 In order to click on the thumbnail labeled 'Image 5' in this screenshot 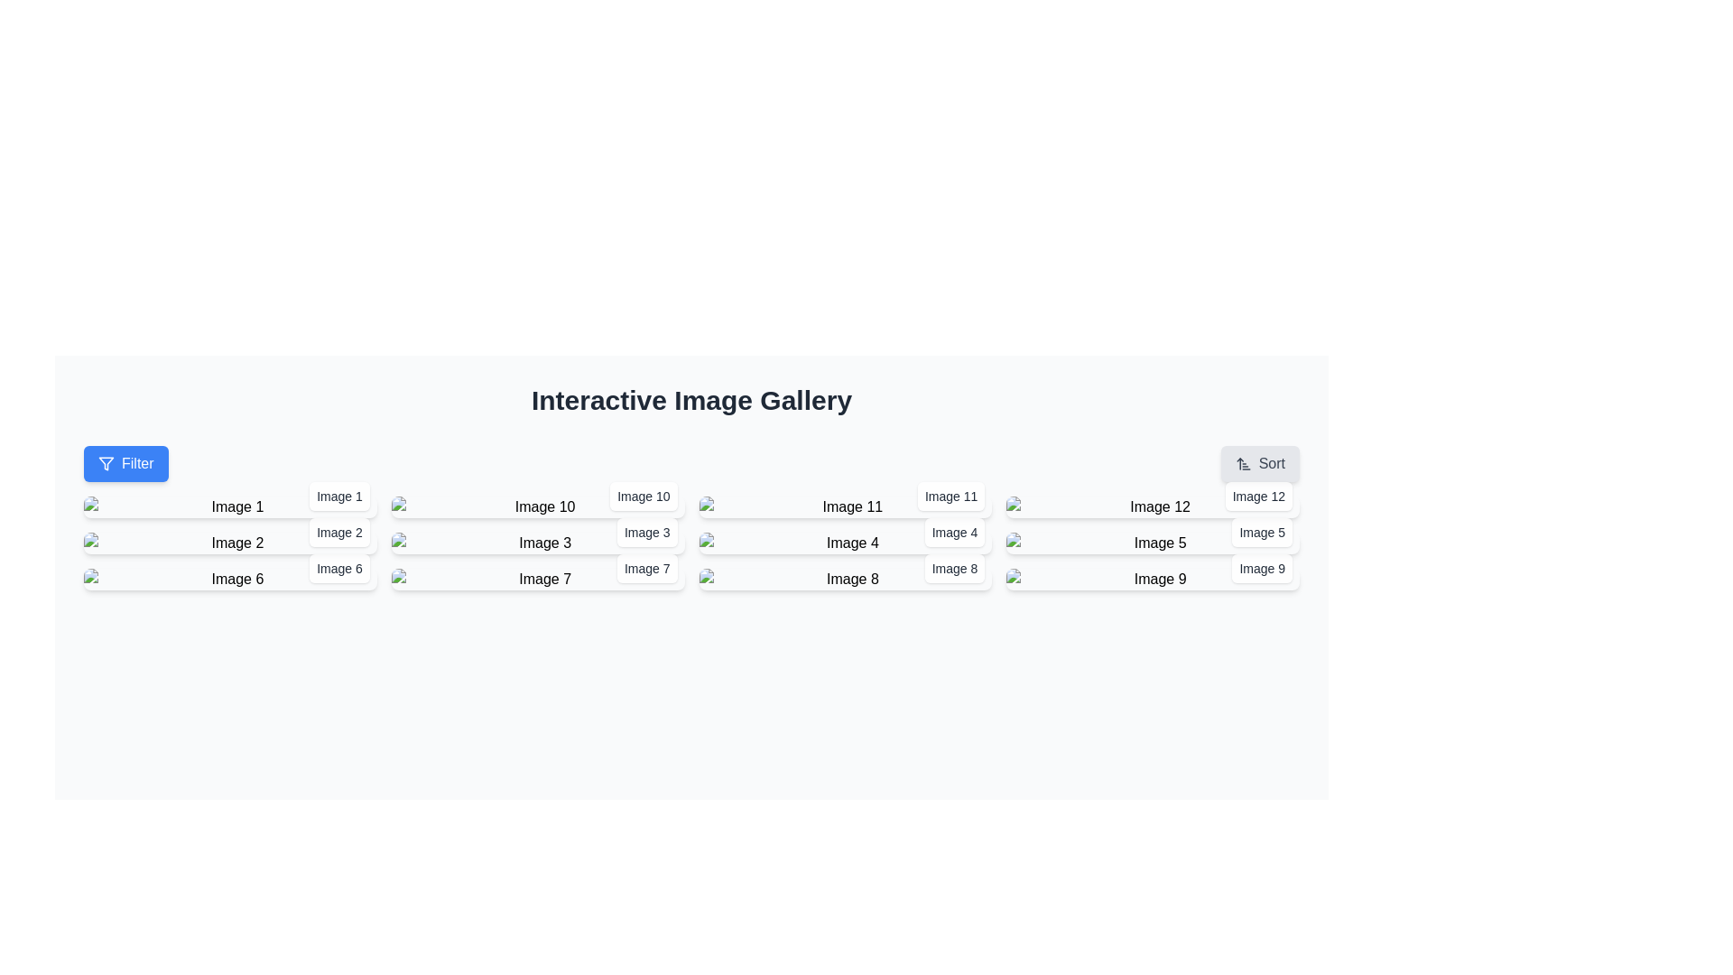, I will do `click(1152, 542)`.